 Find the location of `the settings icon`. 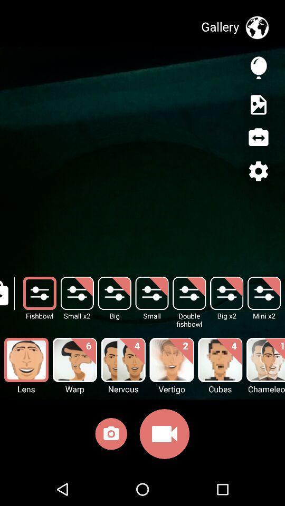

the settings icon is located at coordinates (258, 171).